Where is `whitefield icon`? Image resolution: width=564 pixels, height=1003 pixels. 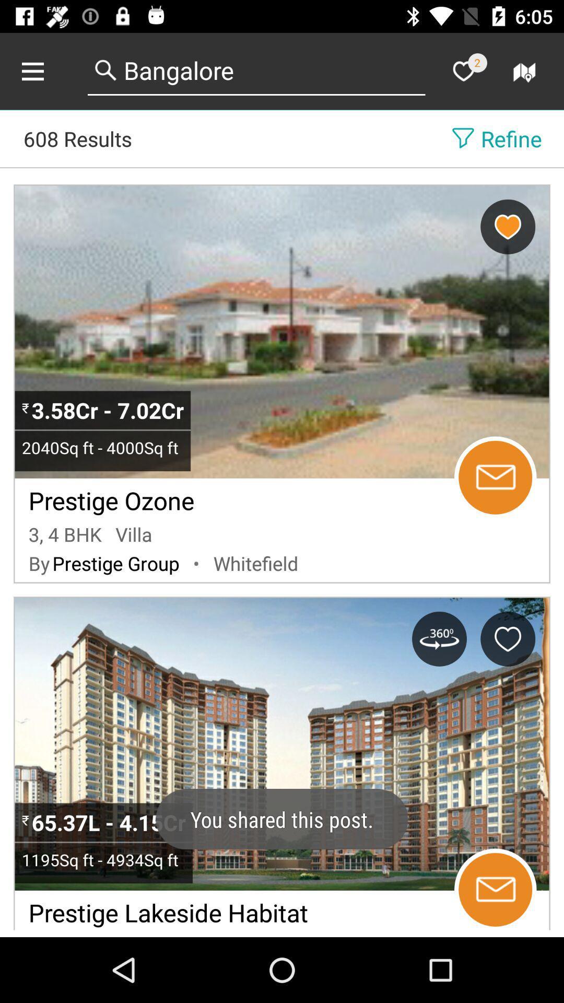 whitefield icon is located at coordinates (256, 563).